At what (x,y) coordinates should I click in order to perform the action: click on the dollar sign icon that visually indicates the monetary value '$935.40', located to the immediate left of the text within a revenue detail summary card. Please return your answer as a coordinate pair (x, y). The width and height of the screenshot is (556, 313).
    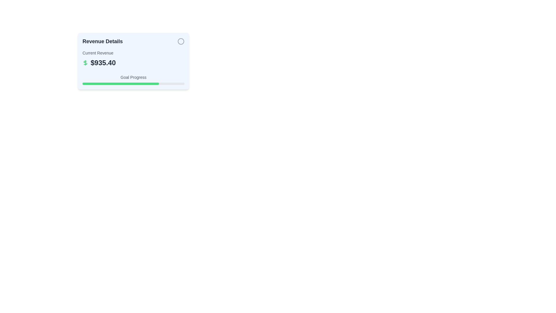
    Looking at the image, I should click on (85, 63).